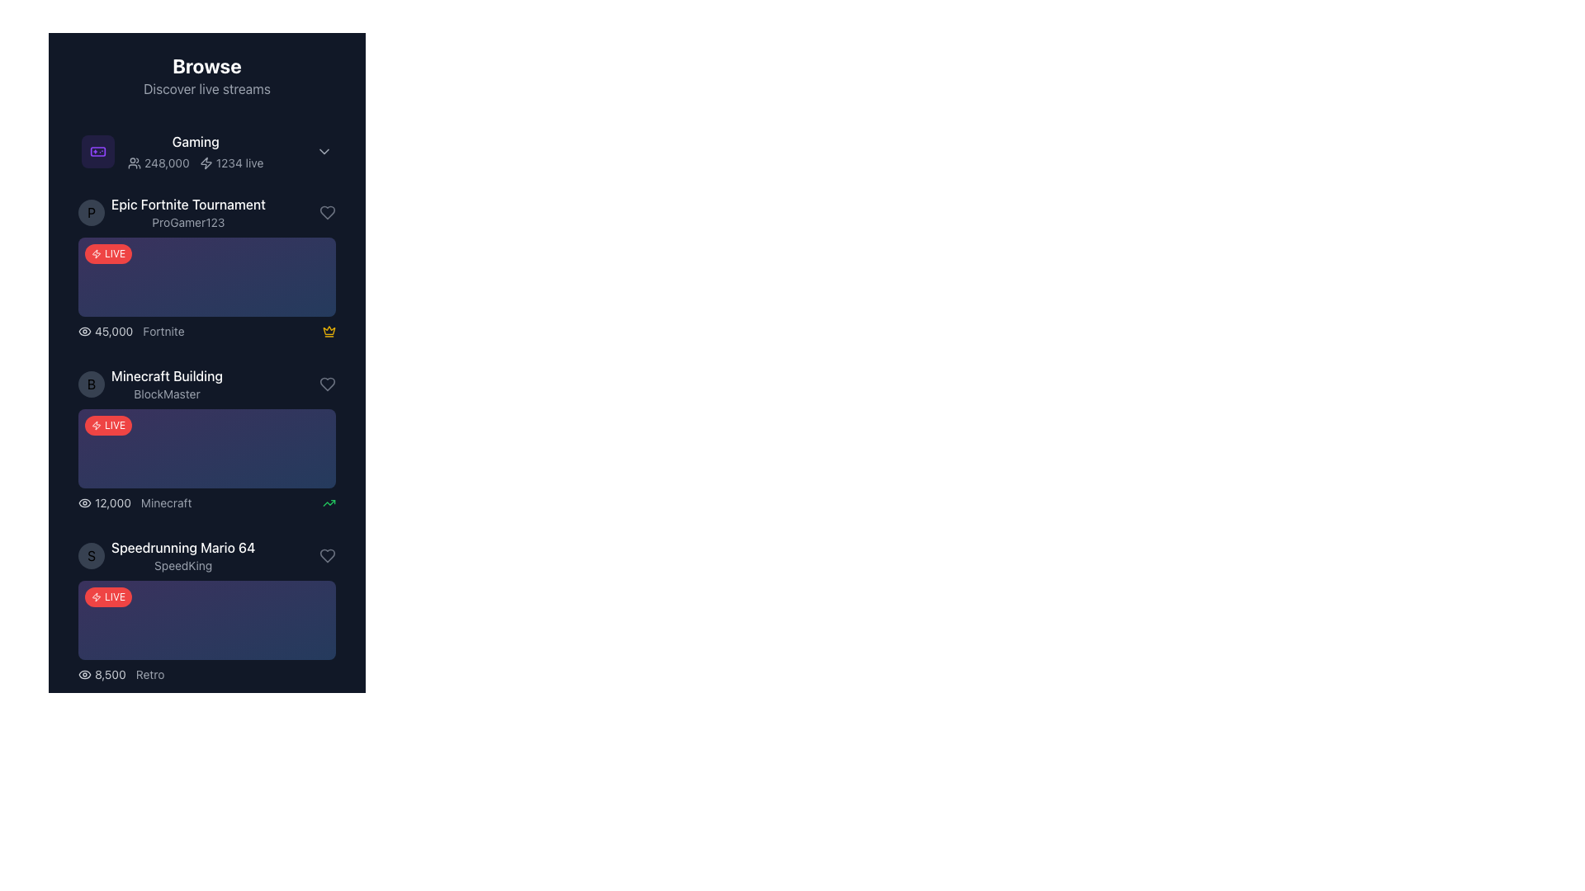 The height and width of the screenshot is (891, 1585). Describe the element at coordinates (324, 152) in the screenshot. I see `the downward chevron icon located on the right-hand side of the 'Gaming' section` at that location.